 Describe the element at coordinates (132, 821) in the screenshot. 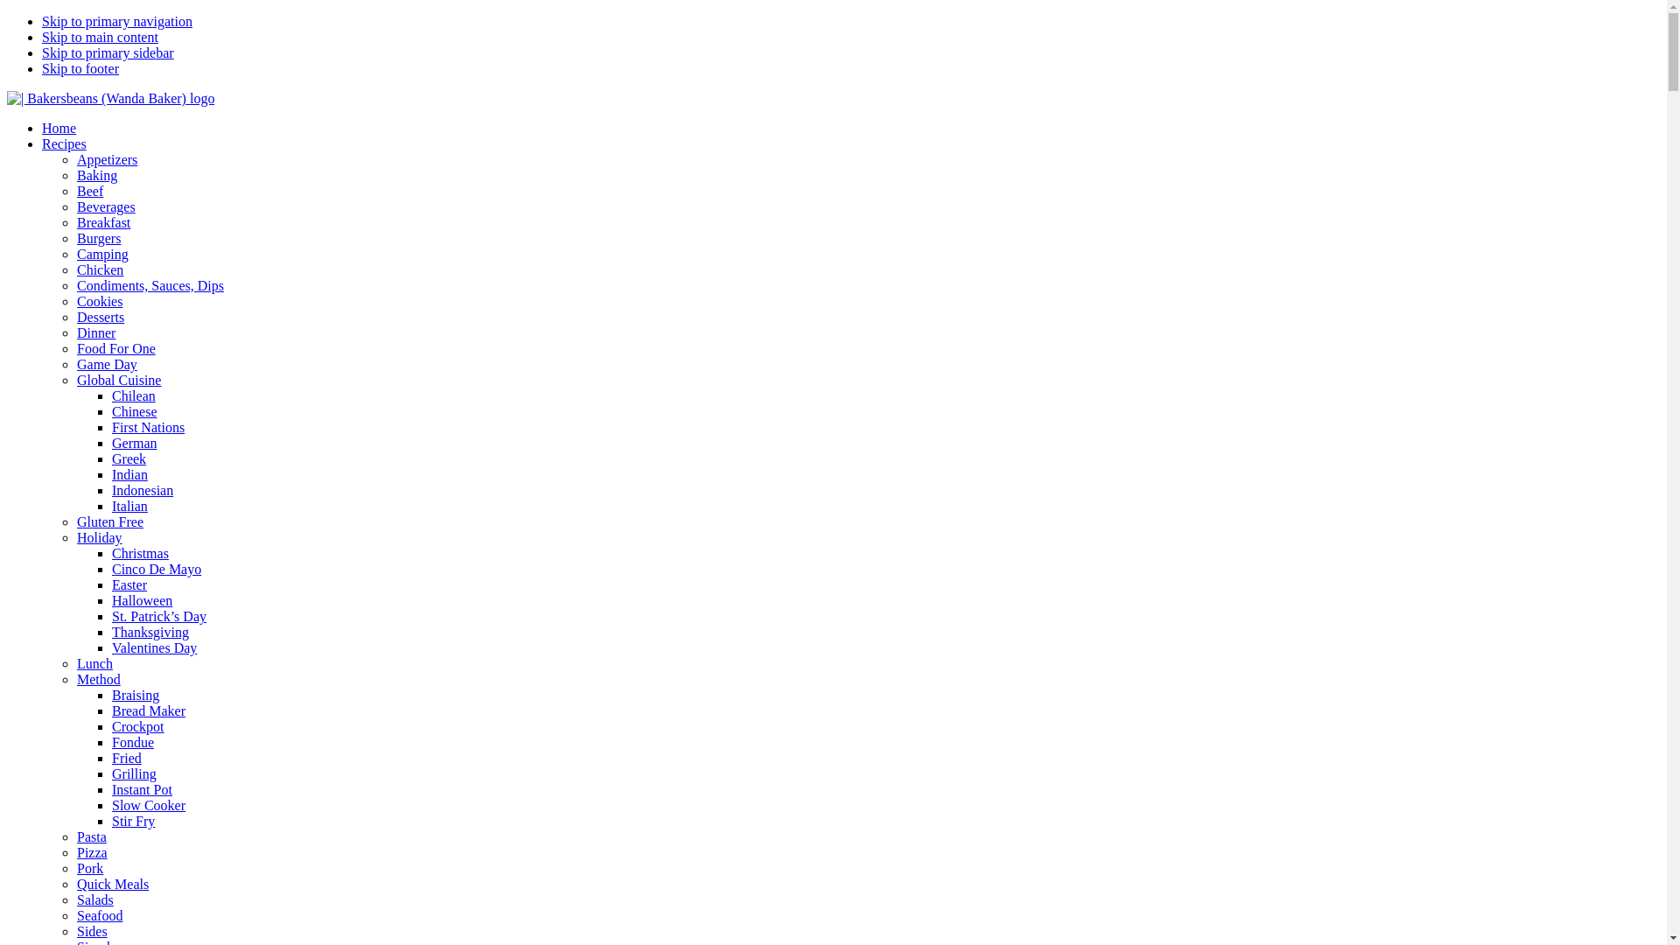

I see `'Stir Fry'` at that location.